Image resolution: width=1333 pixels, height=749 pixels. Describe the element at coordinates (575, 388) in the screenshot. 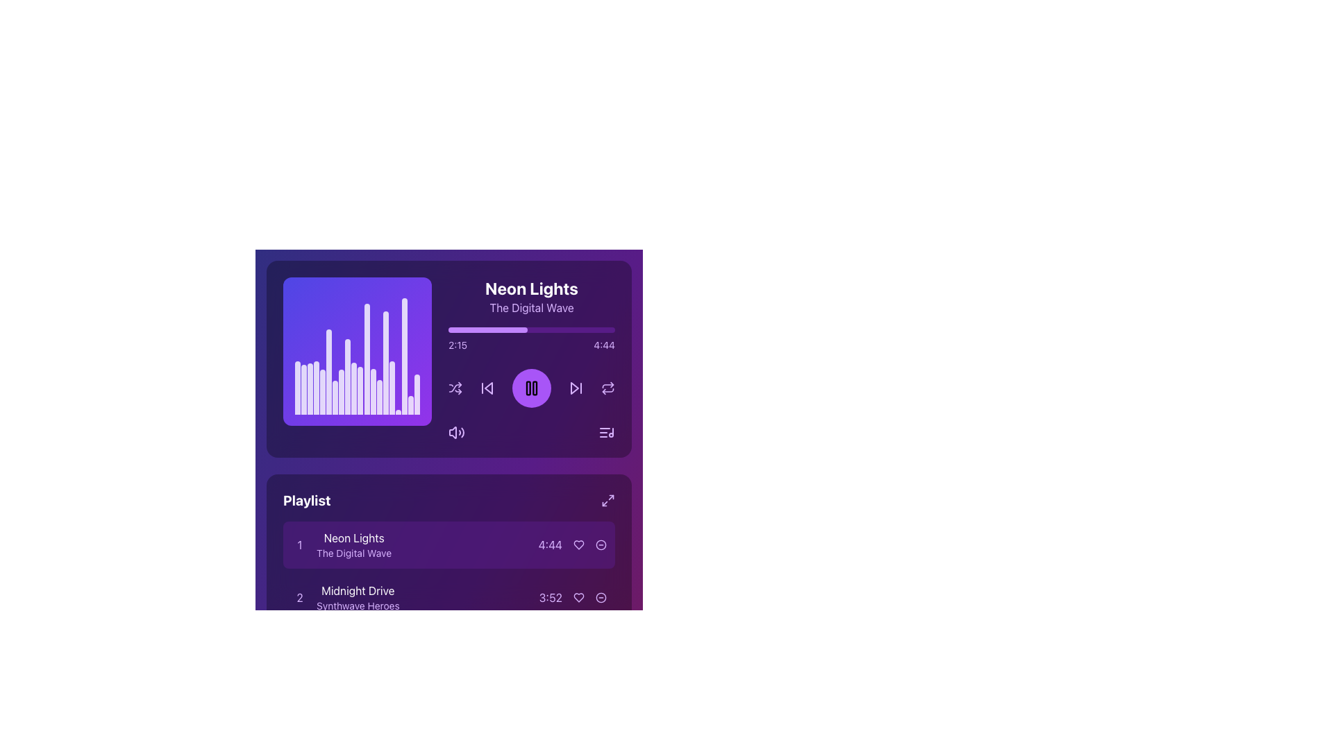

I see `the forward skip icon in the music player interface, which is located to the right of the central pause button` at that location.